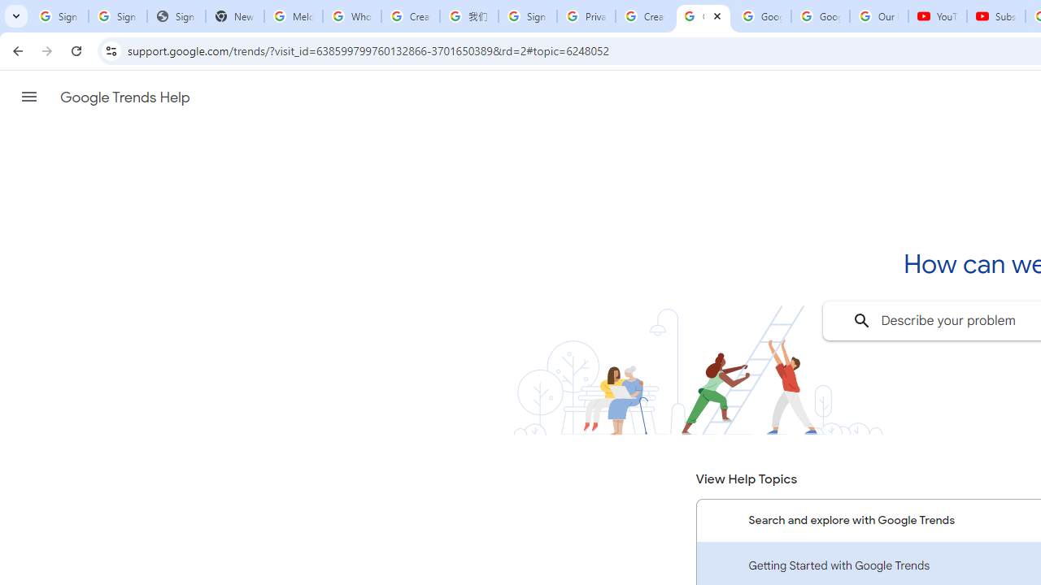 This screenshot has height=585, width=1041. What do you see at coordinates (351, 16) in the screenshot?
I see `'Who is my administrator? - Google Account Help'` at bounding box center [351, 16].